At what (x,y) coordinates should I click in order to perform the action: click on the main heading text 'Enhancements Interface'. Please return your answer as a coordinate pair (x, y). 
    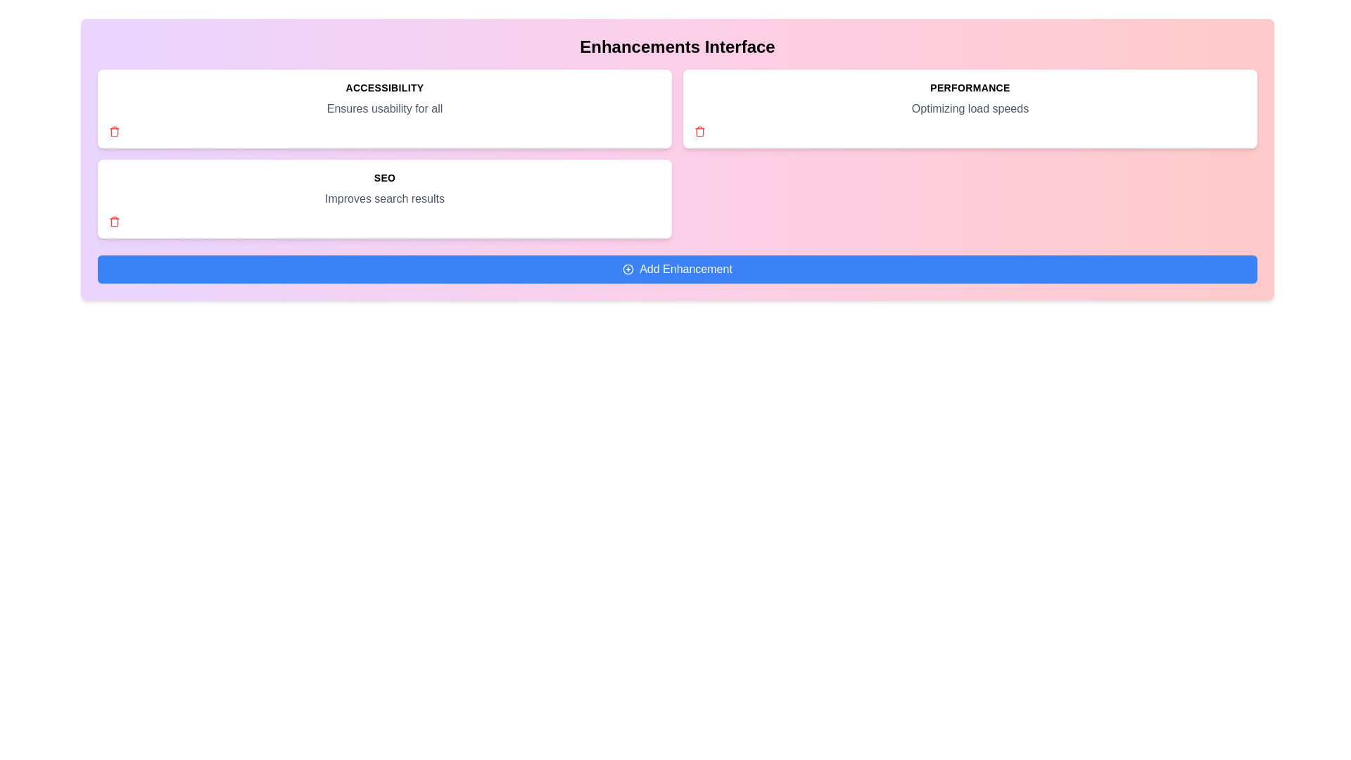
    Looking at the image, I should click on (678, 46).